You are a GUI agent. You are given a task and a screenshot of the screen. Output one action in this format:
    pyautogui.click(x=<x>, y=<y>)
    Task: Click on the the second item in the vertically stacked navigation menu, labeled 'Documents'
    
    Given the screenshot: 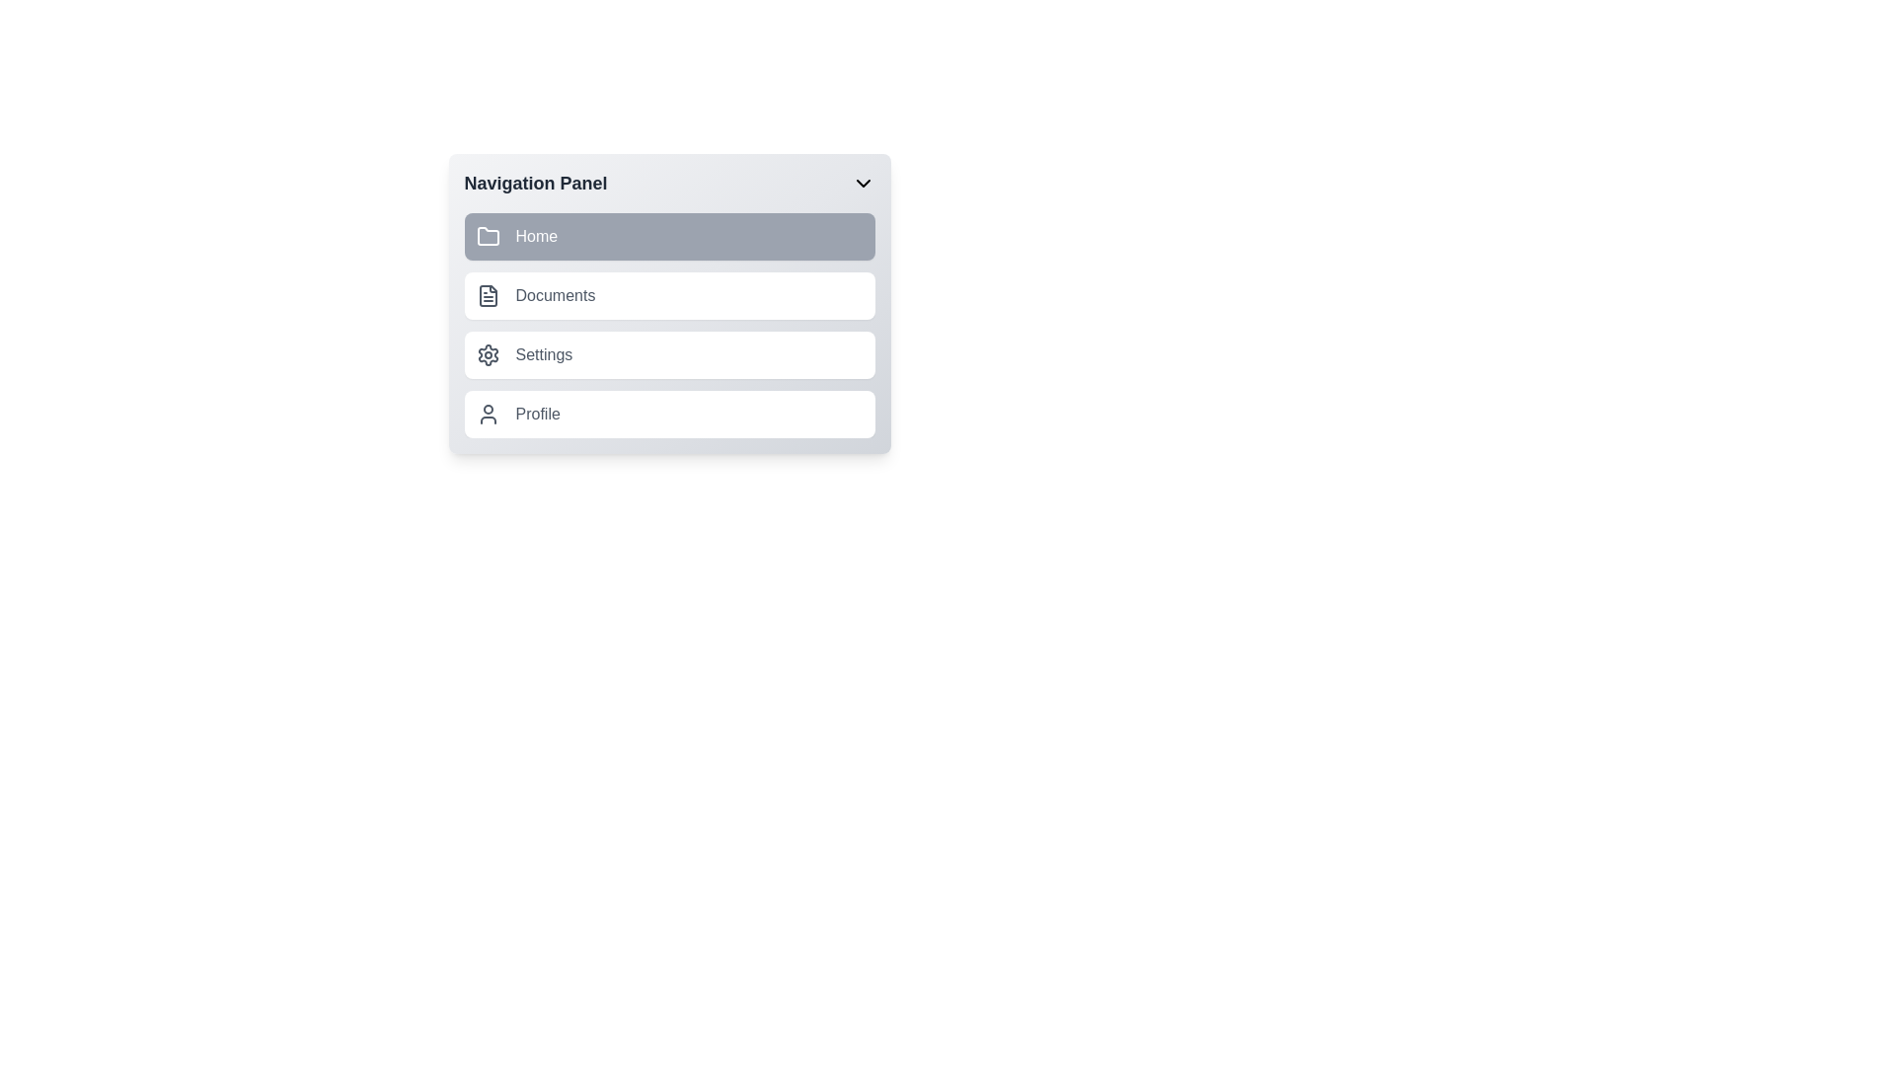 What is the action you would take?
    pyautogui.click(x=669, y=325)
    